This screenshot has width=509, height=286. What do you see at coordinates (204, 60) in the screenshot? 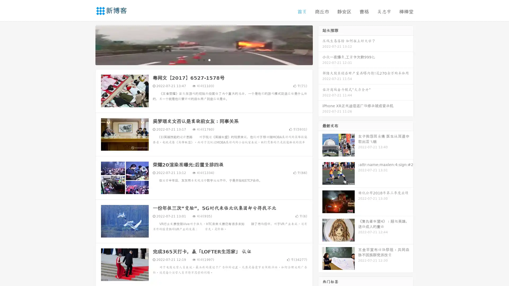
I see `Go to slide 2` at bounding box center [204, 60].